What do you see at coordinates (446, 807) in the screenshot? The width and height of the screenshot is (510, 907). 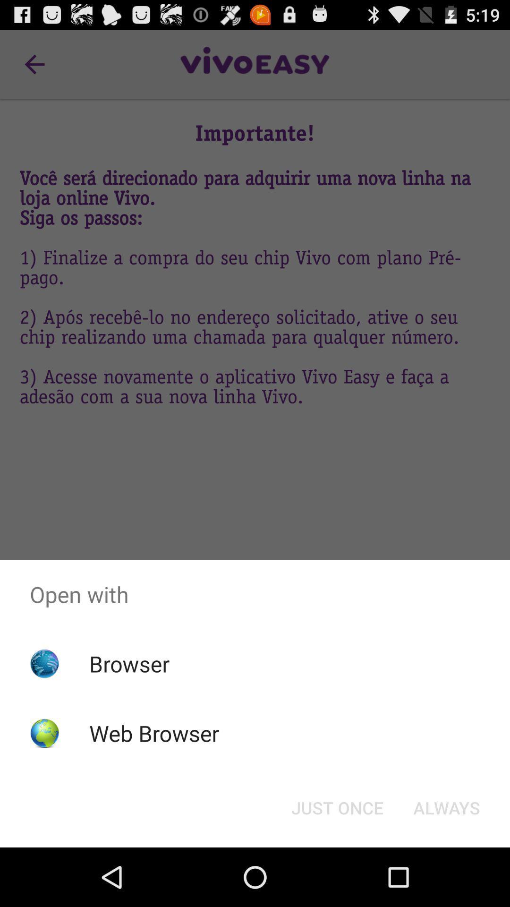 I see `item to the right of just once button` at bounding box center [446, 807].